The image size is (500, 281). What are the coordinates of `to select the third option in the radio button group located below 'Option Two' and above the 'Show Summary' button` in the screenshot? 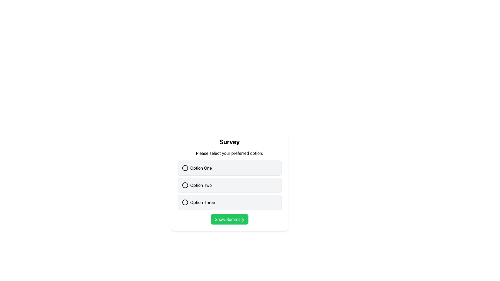 It's located at (229, 202).